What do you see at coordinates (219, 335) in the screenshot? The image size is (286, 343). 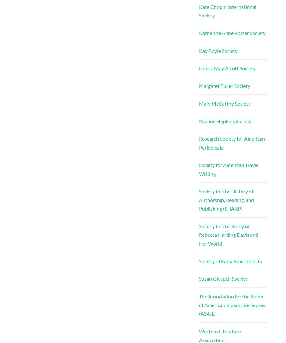 I see `'Western Literature Association'` at bounding box center [219, 335].